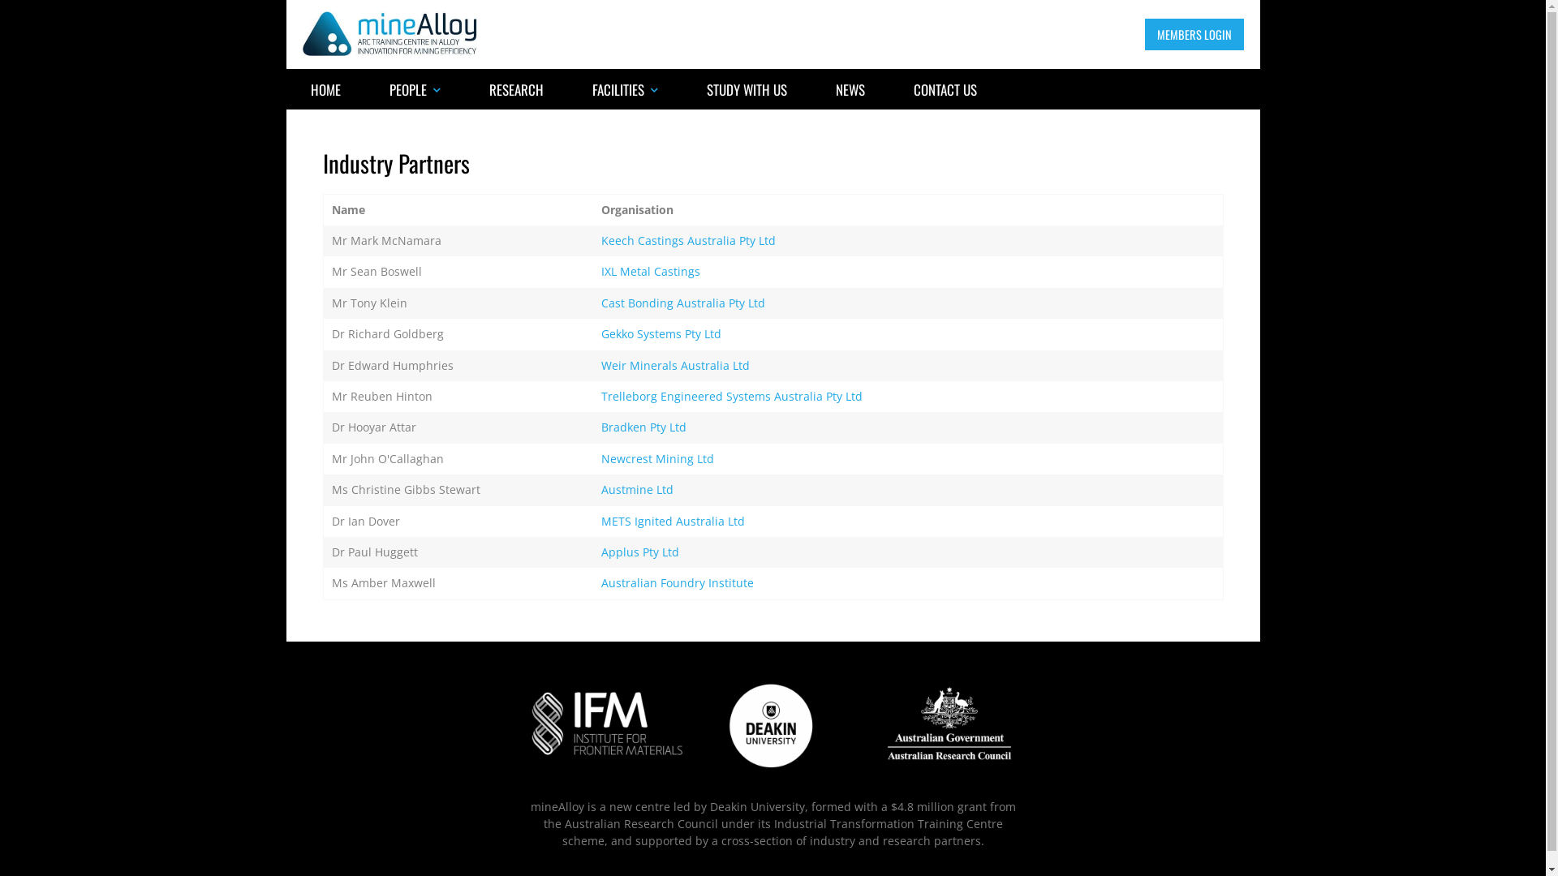 The height and width of the screenshot is (876, 1558). Describe the element at coordinates (682, 303) in the screenshot. I see `'Cast Bonding Australia Pty Ltd'` at that location.